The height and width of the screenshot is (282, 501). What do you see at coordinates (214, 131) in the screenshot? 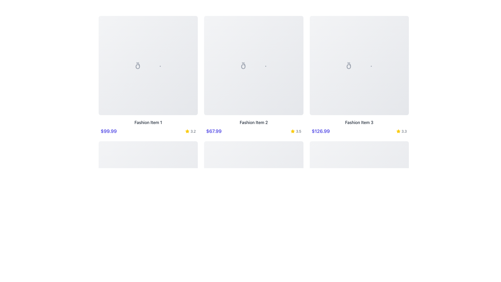
I see `displayed price of the item labeled 'Fashion Item 2', which is shown in the text label located in the center column of the grid layout, directly below the item` at bounding box center [214, 131].